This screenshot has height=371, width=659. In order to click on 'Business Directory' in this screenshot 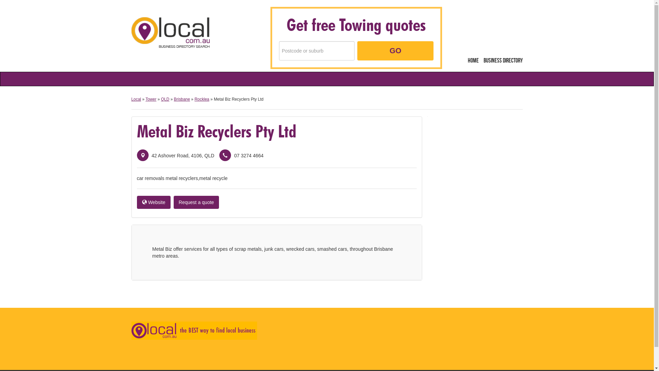, I will do `click(502, 60)`.